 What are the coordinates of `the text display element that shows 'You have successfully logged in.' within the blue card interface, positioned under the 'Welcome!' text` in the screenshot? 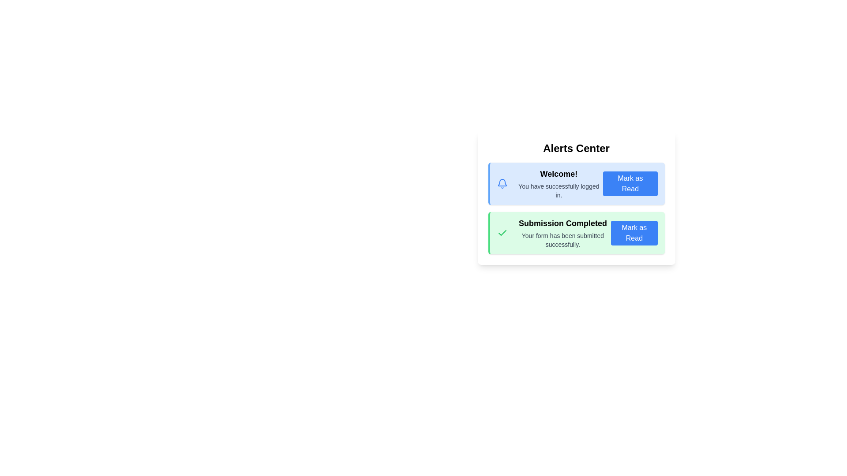 It's located at (558, 190).